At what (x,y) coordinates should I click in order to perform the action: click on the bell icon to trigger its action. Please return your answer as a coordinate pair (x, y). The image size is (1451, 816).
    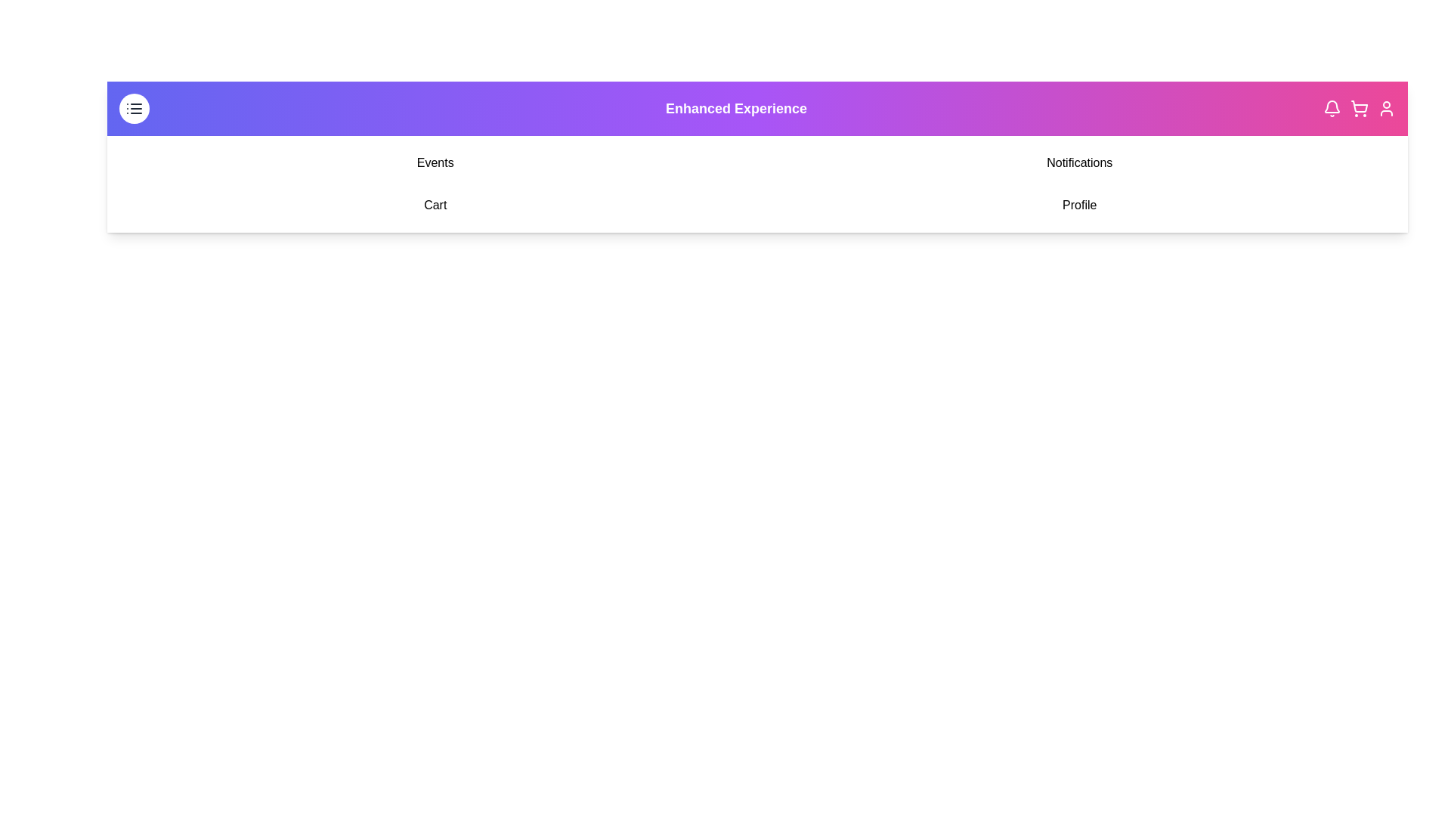
    Looking at the image, I should click on (1332, 107).